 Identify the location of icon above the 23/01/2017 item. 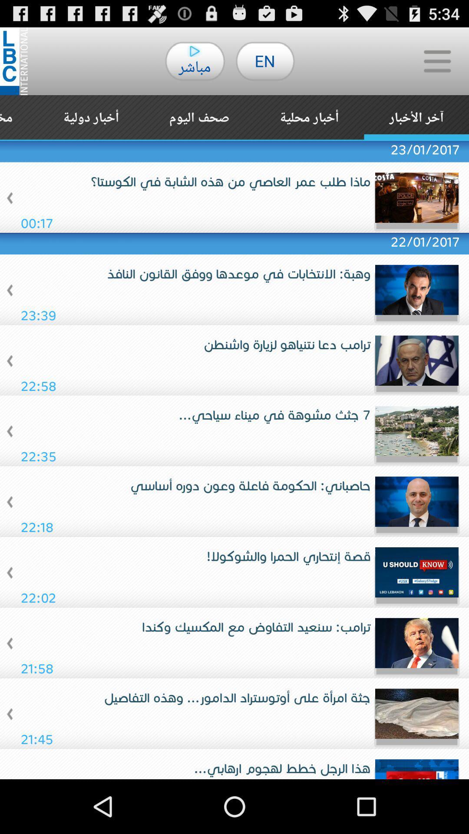
(91, 117).